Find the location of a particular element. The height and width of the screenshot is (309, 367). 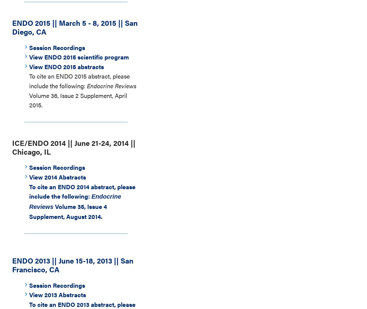

'View ENDO 2015 scientific program' is located at coordinates (79, 56).